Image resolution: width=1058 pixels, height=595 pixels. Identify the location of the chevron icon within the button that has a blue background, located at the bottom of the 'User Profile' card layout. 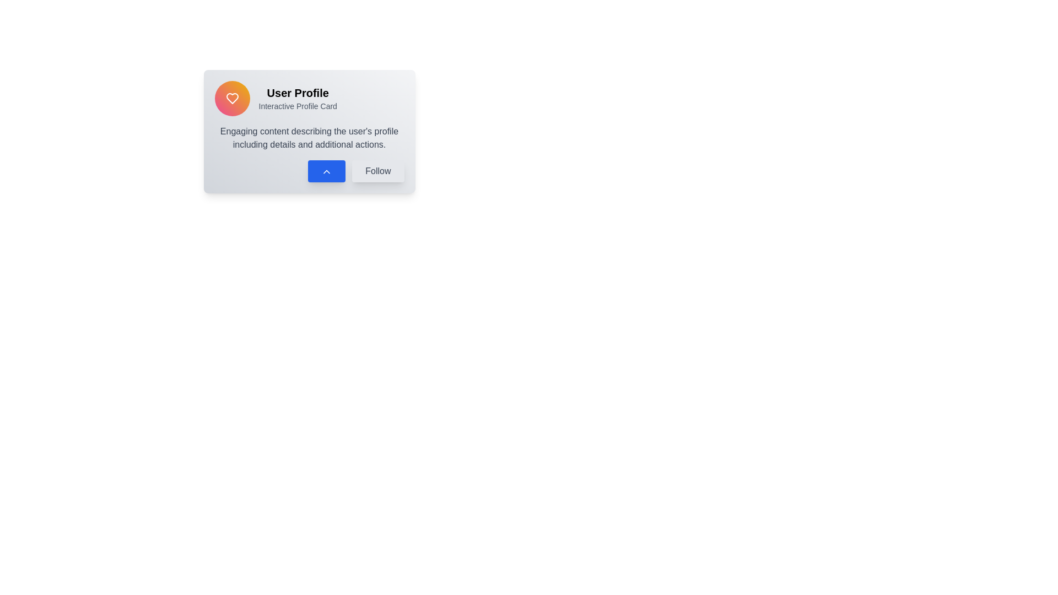
(326, 171).